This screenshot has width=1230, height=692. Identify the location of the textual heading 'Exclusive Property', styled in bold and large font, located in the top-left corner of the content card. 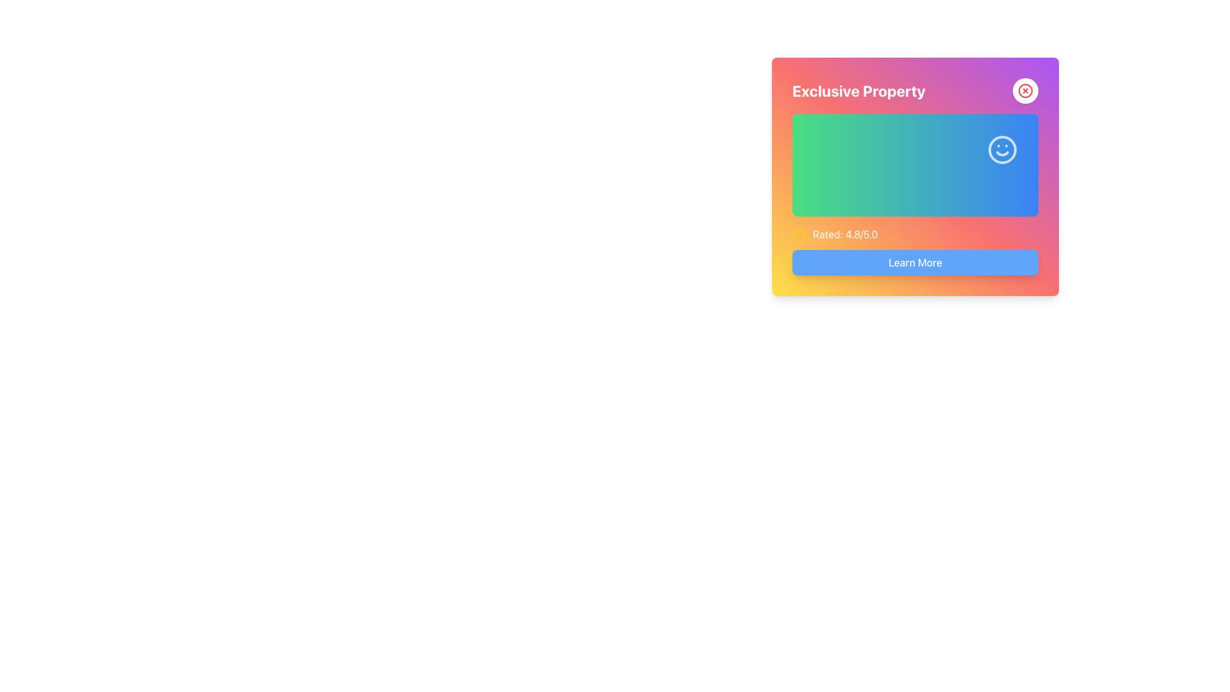
(858, 90).